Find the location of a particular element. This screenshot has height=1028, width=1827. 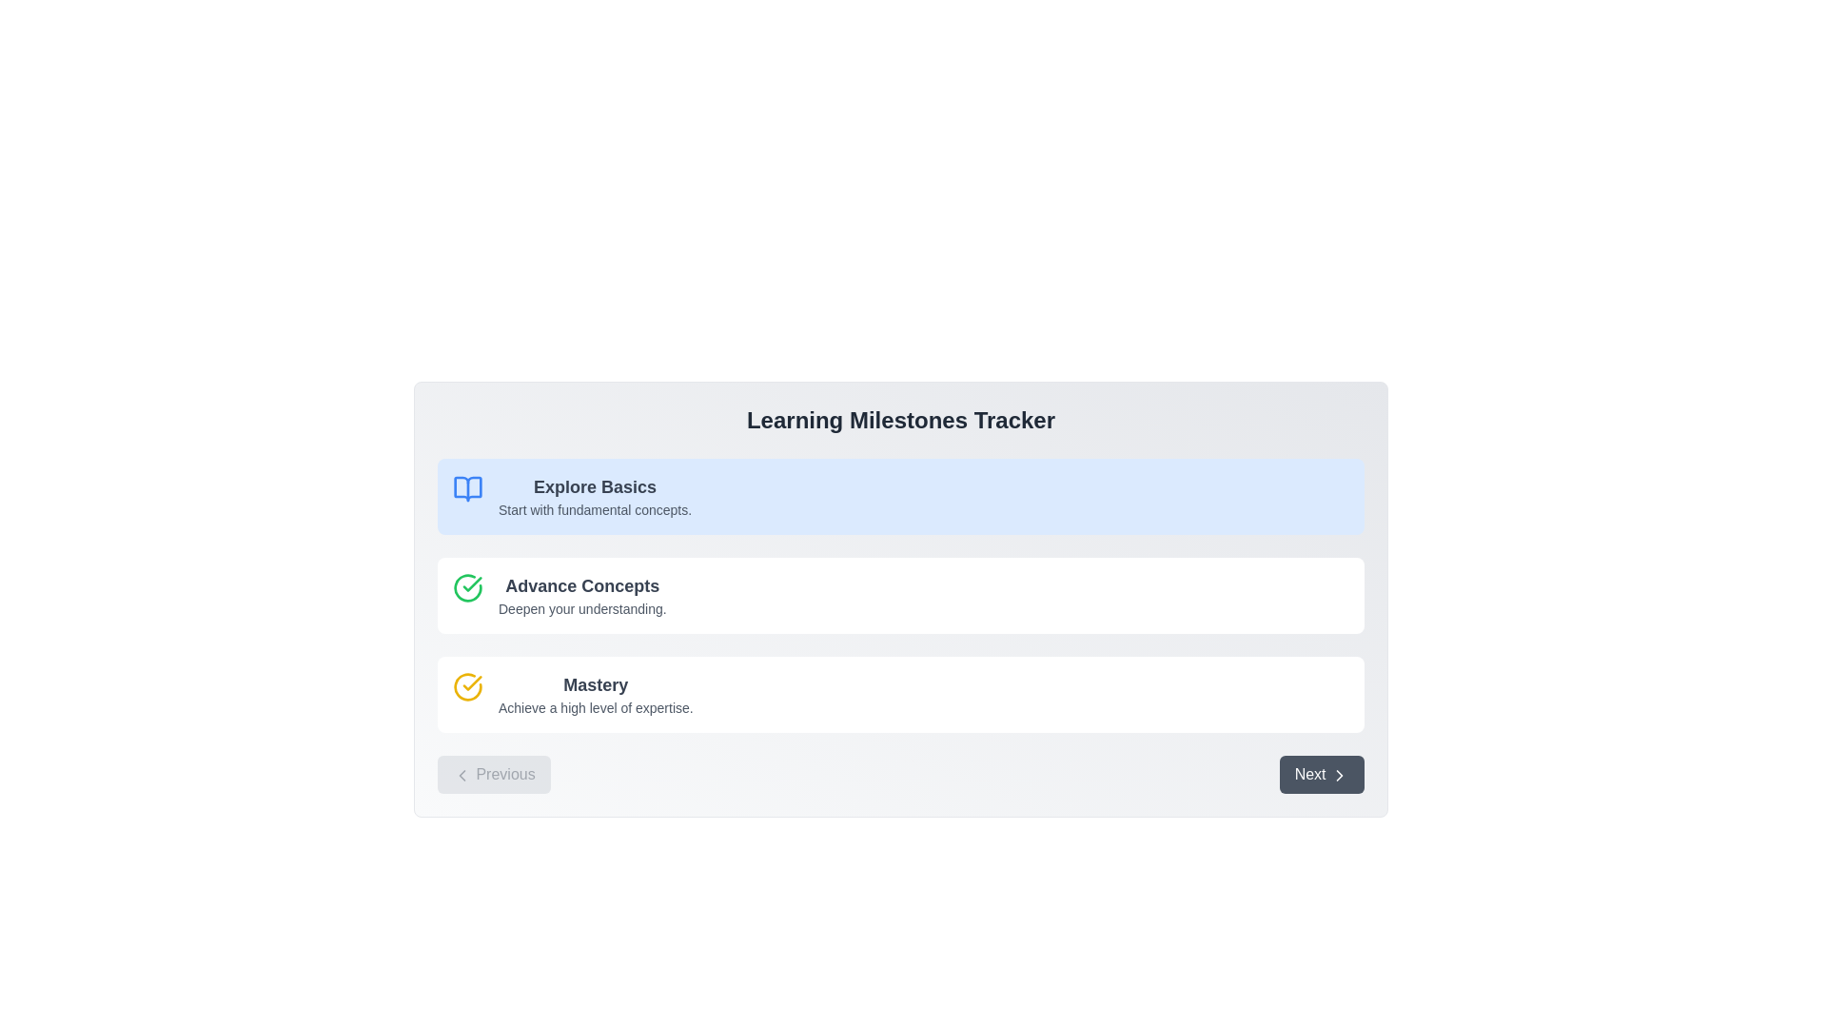

the 'Previous' button, which is a rectangular button with a gray background and rounded corners, located on the far-left side of the navigation layout in the tracker interface is located at coordinates (494, 774).